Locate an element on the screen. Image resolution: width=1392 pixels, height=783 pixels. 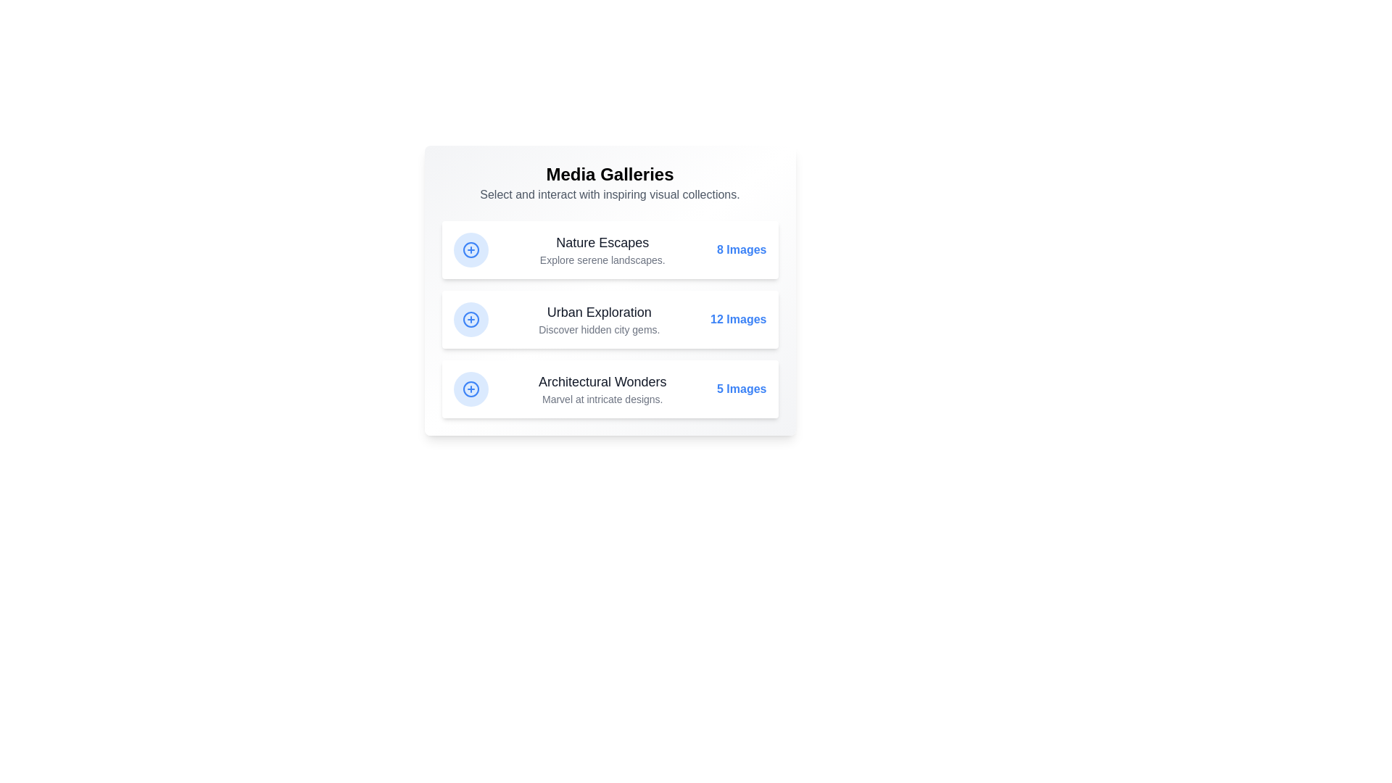
the gallery Urban Exploration is located at coordinates (610, 318).